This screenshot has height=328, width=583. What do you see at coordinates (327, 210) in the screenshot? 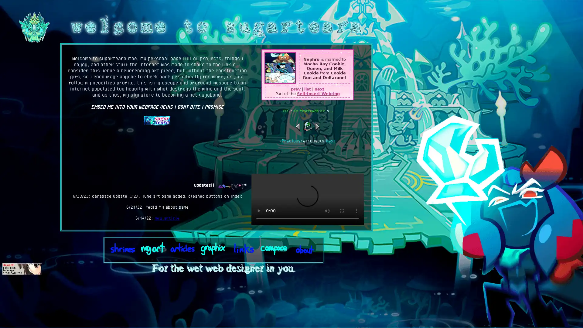
I see `mute` at bounding box center [327, 210].